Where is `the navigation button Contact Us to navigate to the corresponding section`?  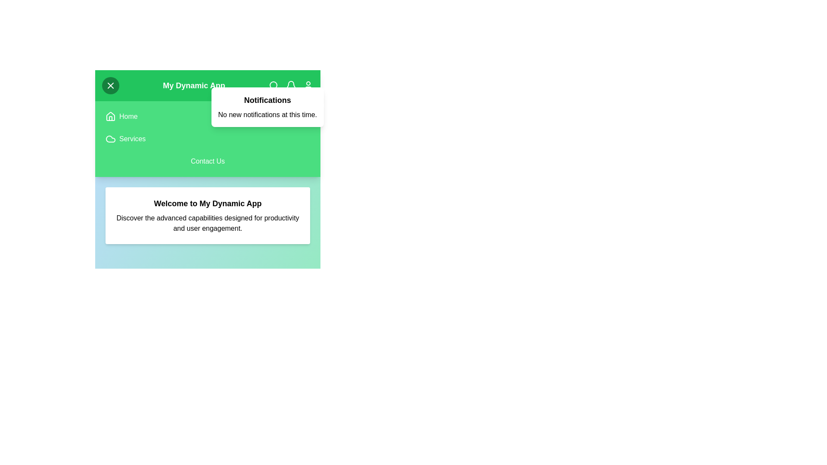
the navigation button Contact Us to navigate to the corresponding section is located at coordinates (208, 161).